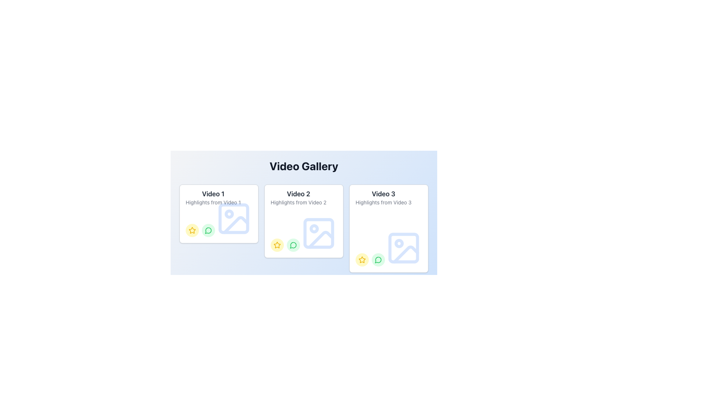 The image size is (706, 397). I want to click on the text label reading 'Highlights from Video 2,' which is styled in a smaller font size and subdued gray color, located centrally beneath the heading 'Video 2' within the card layout for video details, so click(298, 203).